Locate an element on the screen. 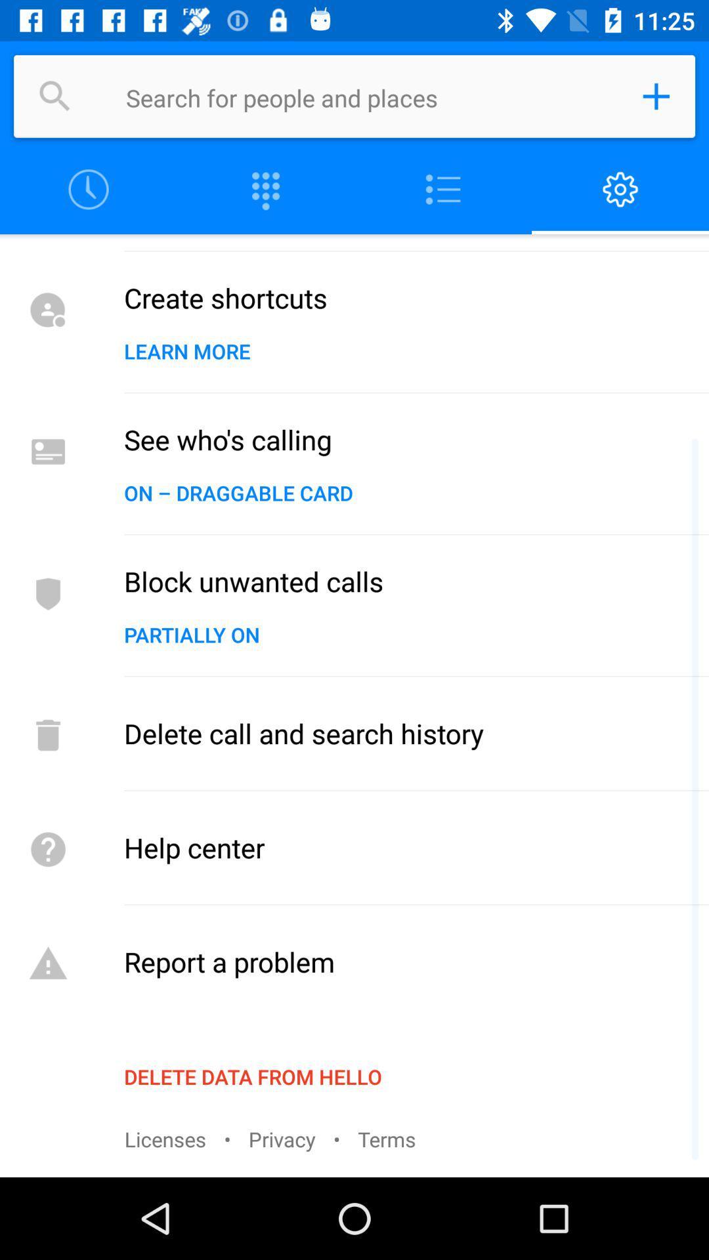 Image resolution: width=709 pixels, height=1260 pixels. privacy is located at coordinates (281, 1138).